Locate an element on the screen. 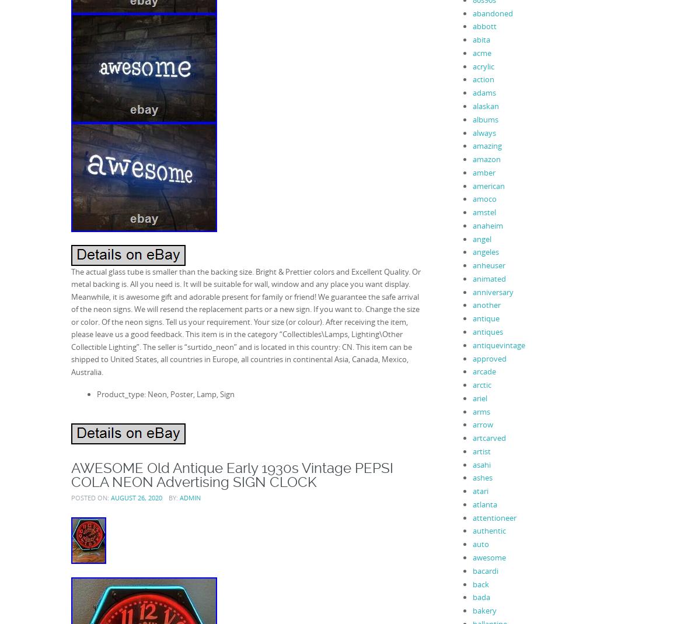 The height and width of the screenshot is (624, 691). 'angel' is located at coordinates (481, 237).